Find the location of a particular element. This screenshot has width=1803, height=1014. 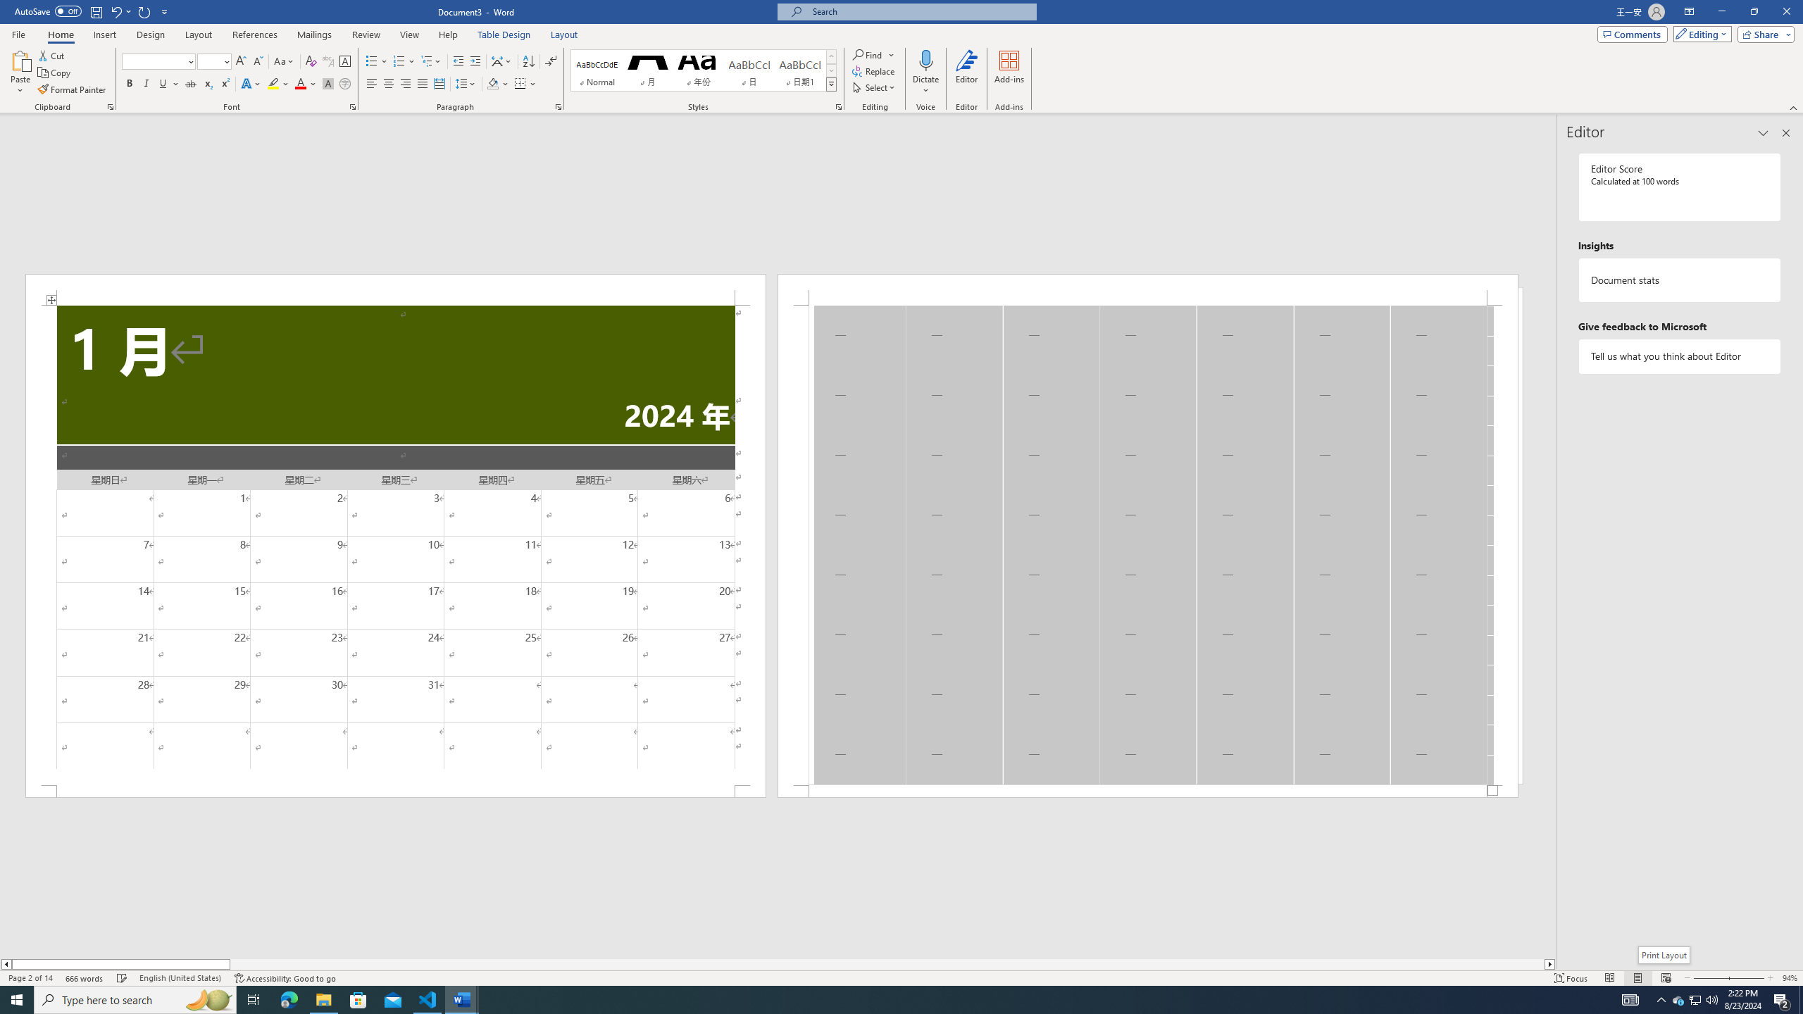

'Office Clipboard...' is located at coordinates (109, 106).